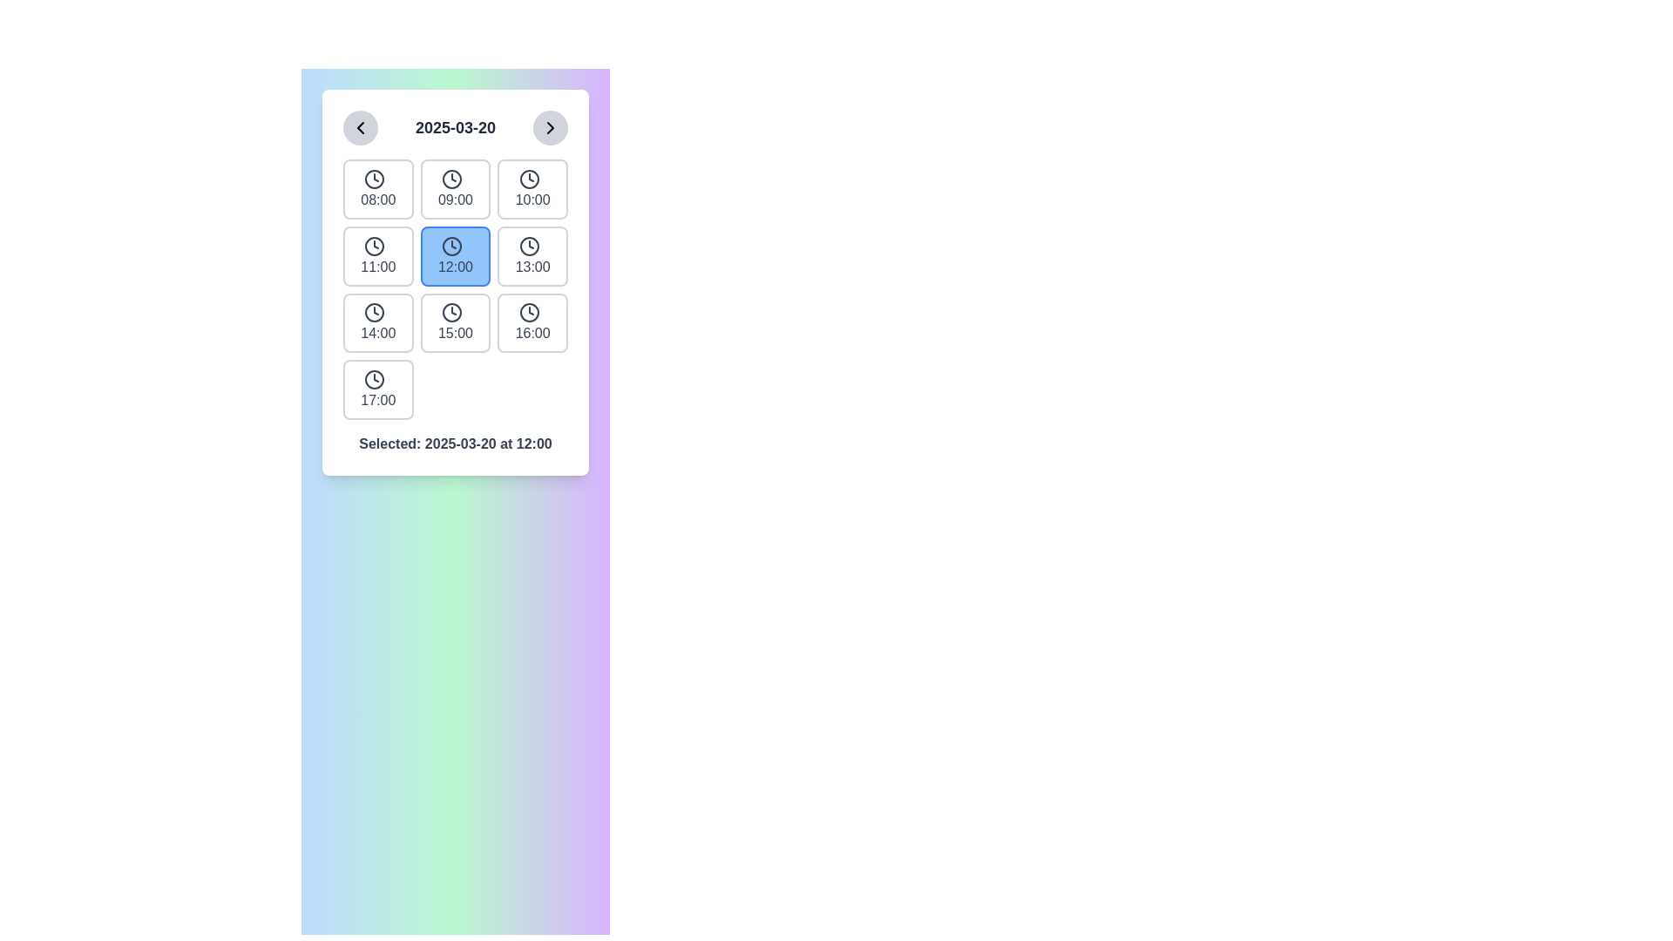 This screenshot has height=941, width=1673. What do you see at coordinates (451, 246) in the screenshot?
I see `the circular icon representing the 12:00 time slot within the clock icon in the grid layout` at bounding box center [451, 246].